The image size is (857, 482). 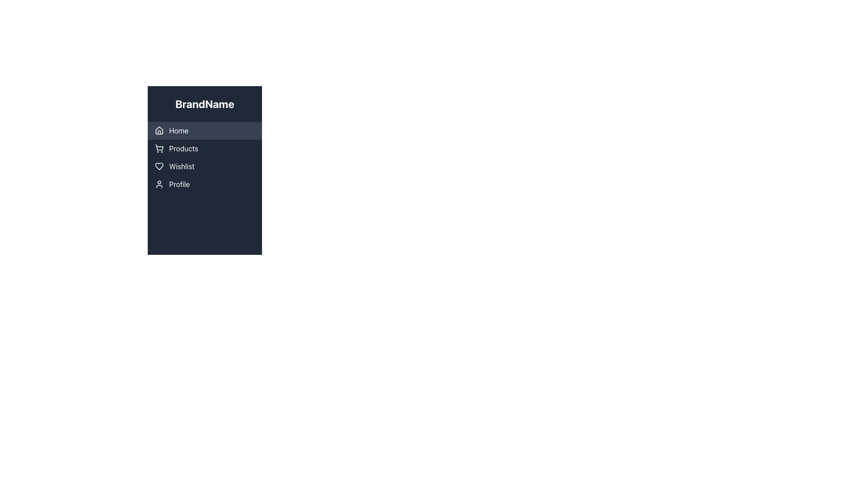 What do you see at coordinates (181, 166) in the screenshot?
I see `the 'Wishlist' text label element in the vertical navigation menu, which is the third item below 'Products' and above 'Profile'` at bounding box center [181, 166].